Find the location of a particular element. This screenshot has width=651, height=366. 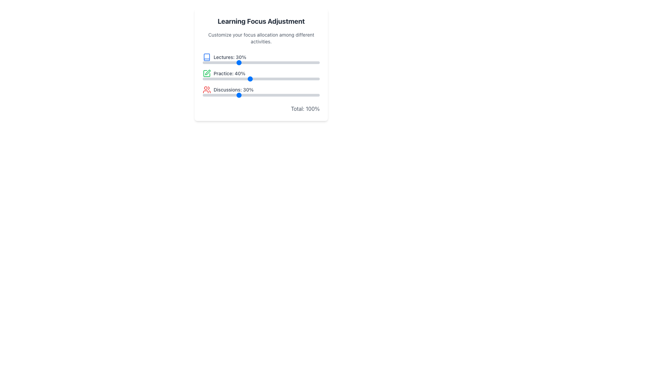

text content of the first category text label in the focus adjustment interface, which is associated with the lecture activity and shows the percentage allocation for lectures. This label is located next to a blue book icon is located at coordinates (230, 57).